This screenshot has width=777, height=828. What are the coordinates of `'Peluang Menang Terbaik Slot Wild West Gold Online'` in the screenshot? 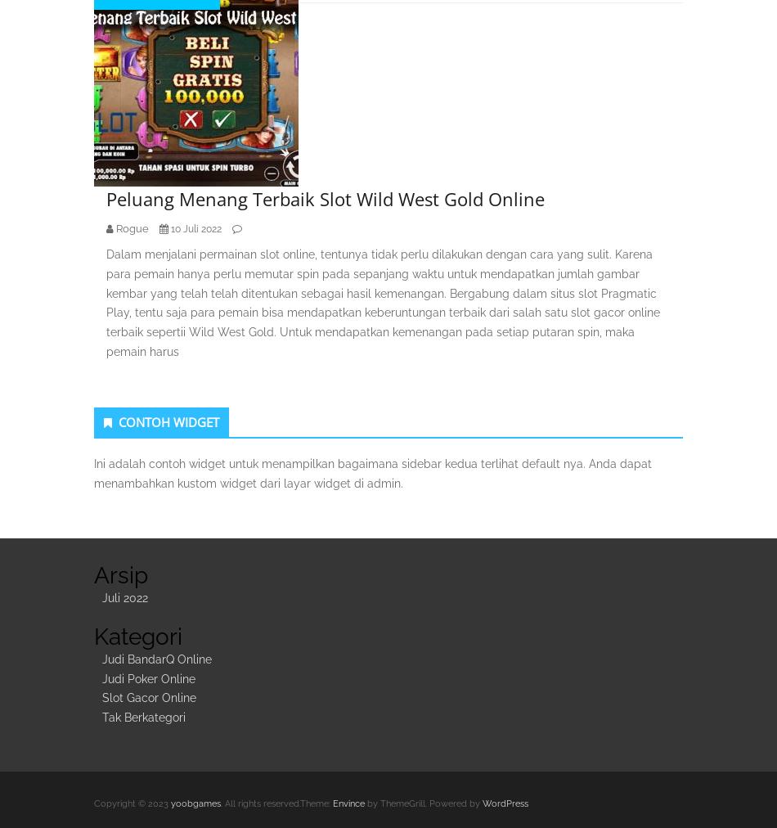 It's located at (324, 198).